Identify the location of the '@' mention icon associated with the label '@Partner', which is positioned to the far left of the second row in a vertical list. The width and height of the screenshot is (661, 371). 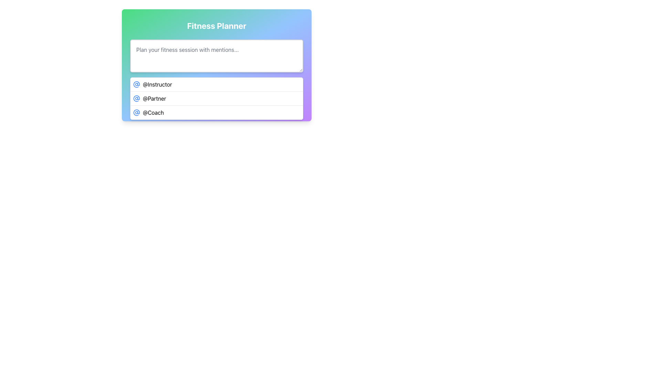
(137, 98).